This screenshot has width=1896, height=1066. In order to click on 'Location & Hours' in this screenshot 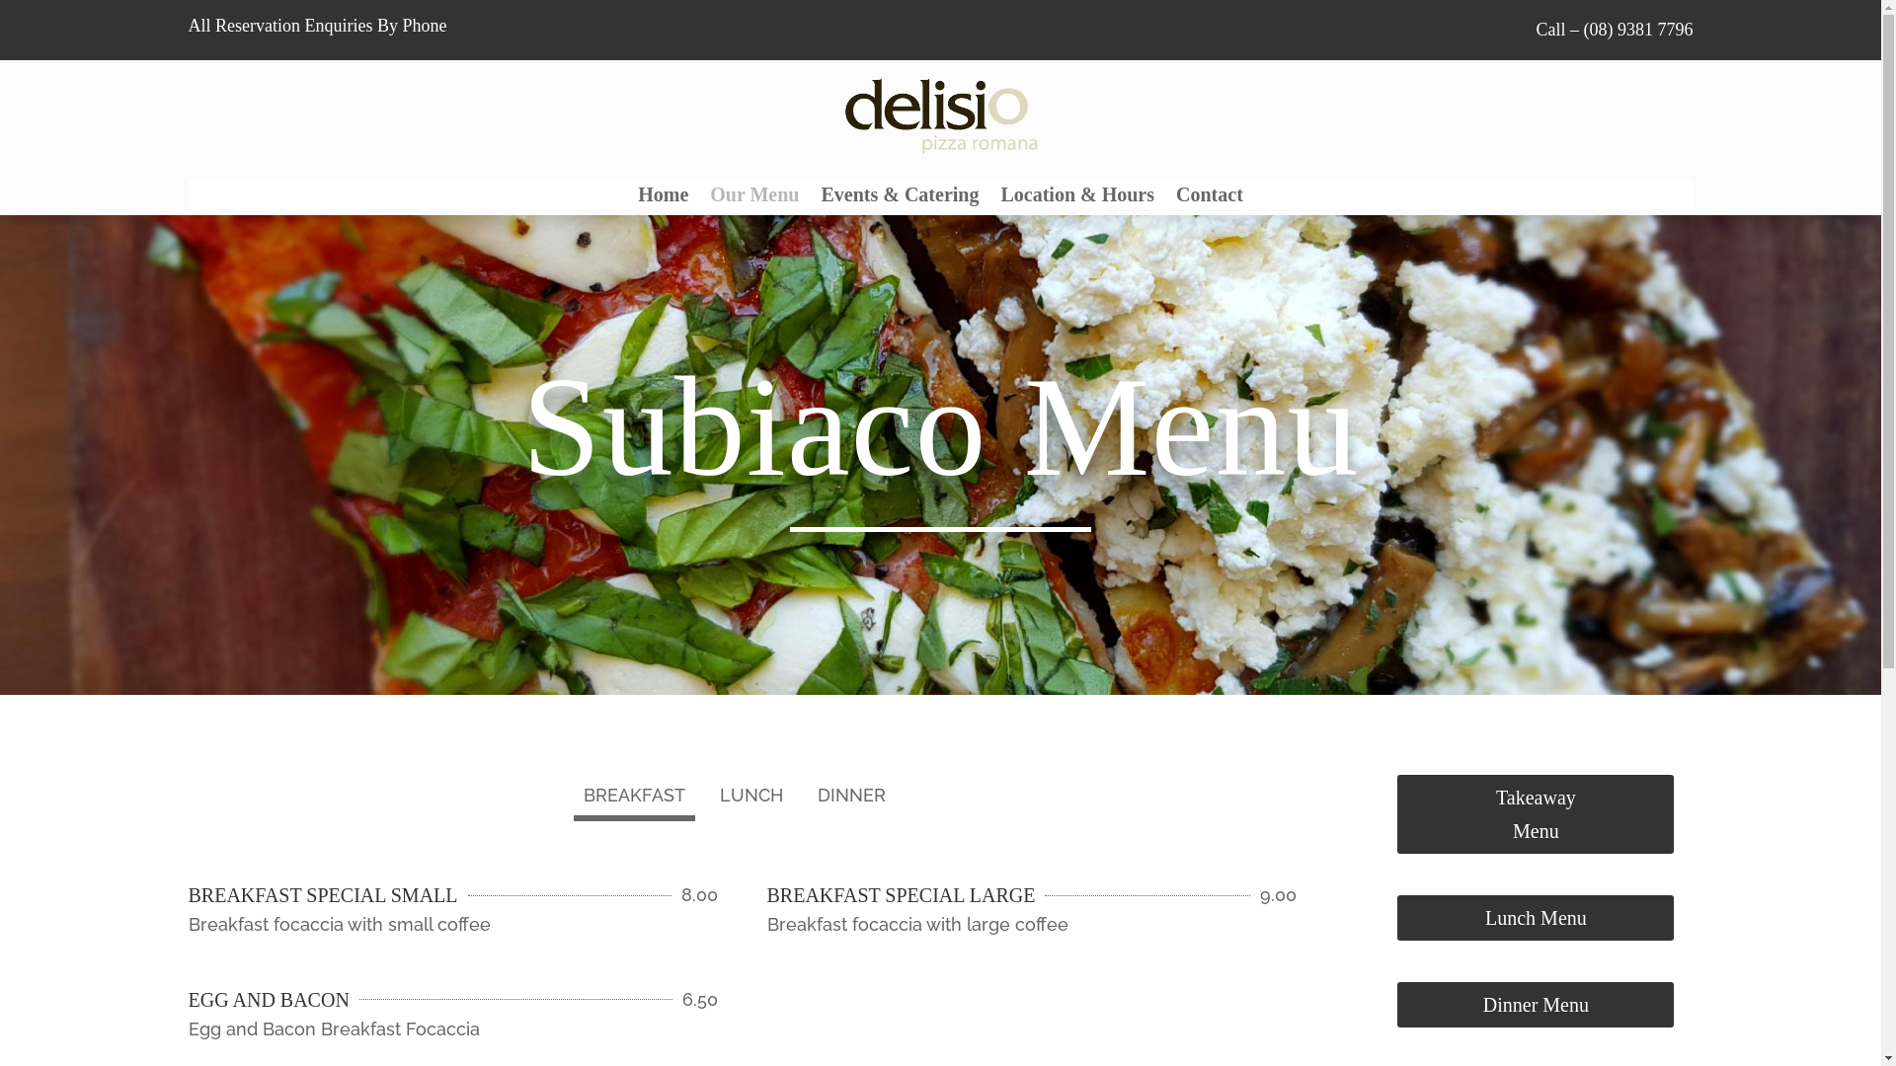, I will do `click(1075, 197)`.